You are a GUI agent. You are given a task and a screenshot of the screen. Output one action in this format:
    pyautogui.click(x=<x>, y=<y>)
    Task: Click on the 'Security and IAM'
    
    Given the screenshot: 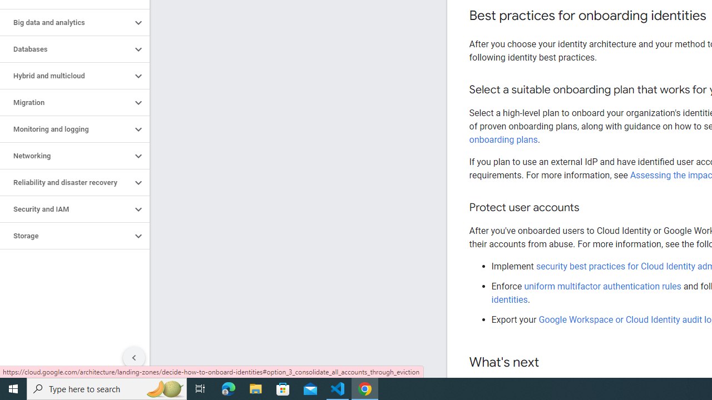 What is the action you would take?
    pyautogui.click(x=65, y=209)
    